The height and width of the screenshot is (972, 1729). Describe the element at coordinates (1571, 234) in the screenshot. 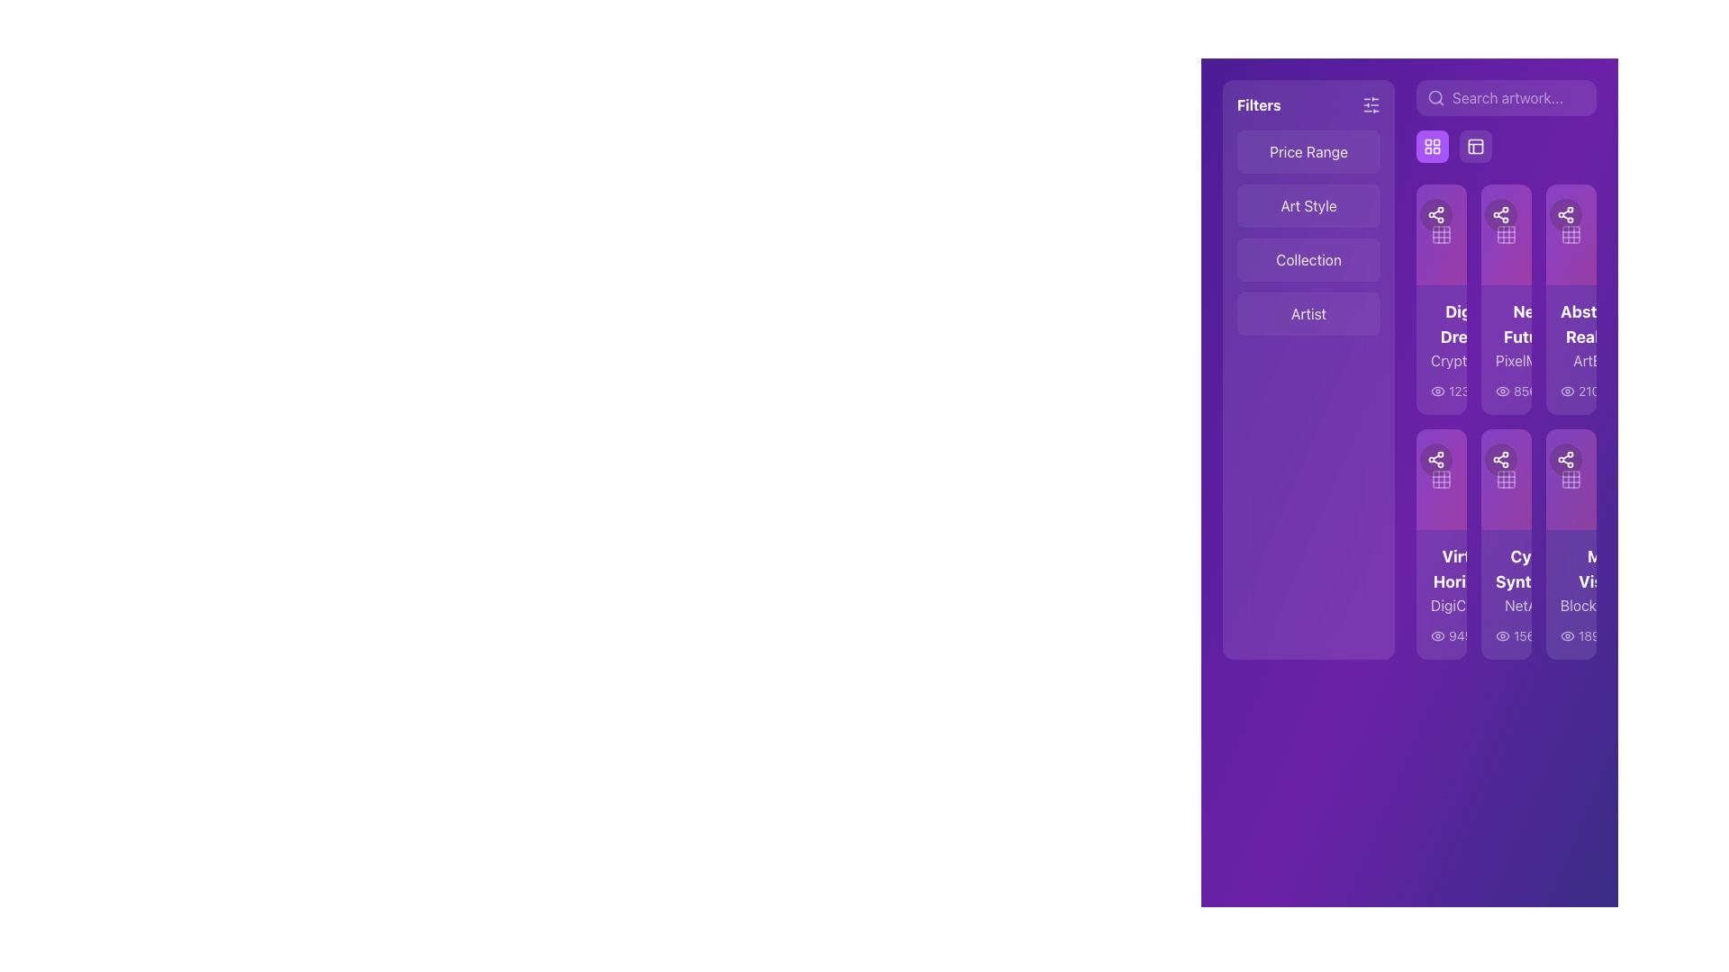

I see `the third grid icon, which is styled in semi-transparent white and located inside a purple card on the right-hand side of the interface` at that location.